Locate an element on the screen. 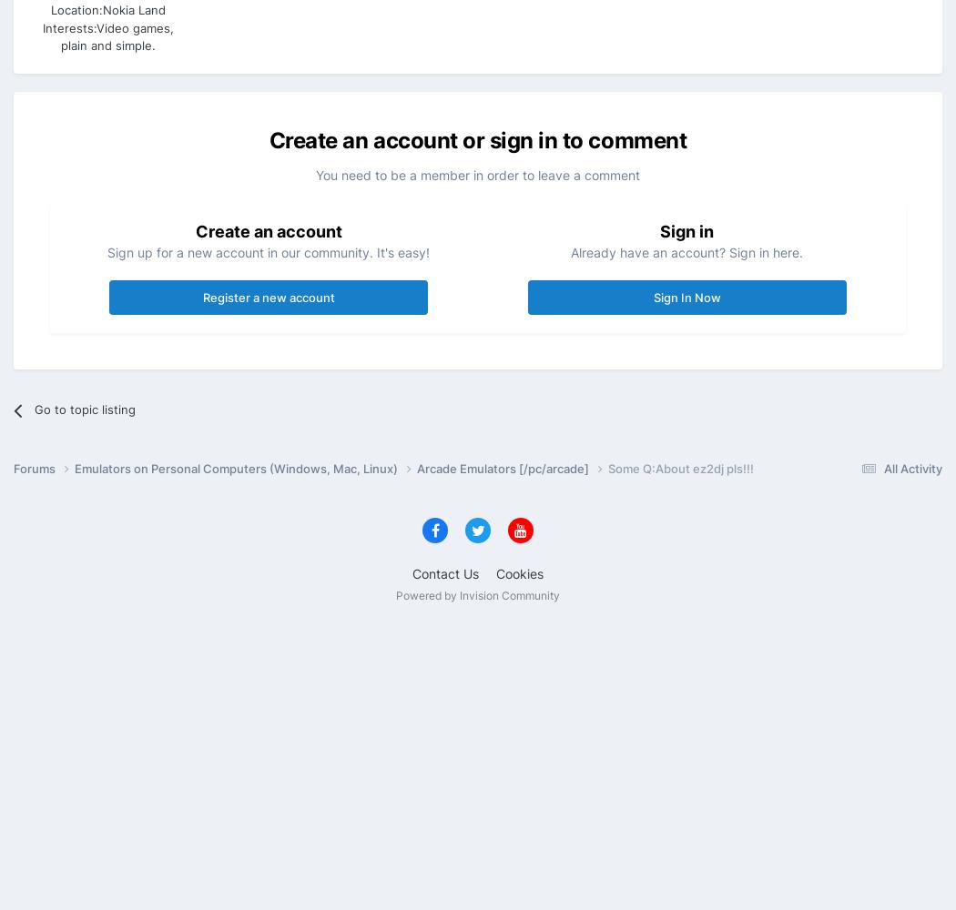  'Already have an account? Sign in here.' is located at coordinates (686, 251).